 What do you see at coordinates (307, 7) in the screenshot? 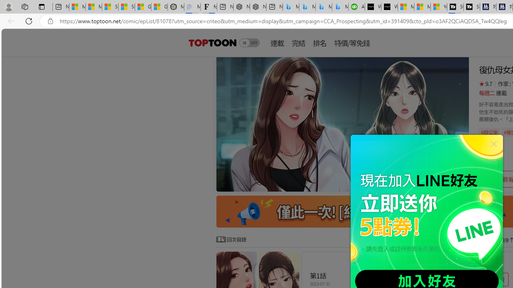
I see `'Microsoft Bing Travel - Stays in Bangkok, Bangkok, Thailand'` at bounding box center [307, 7].